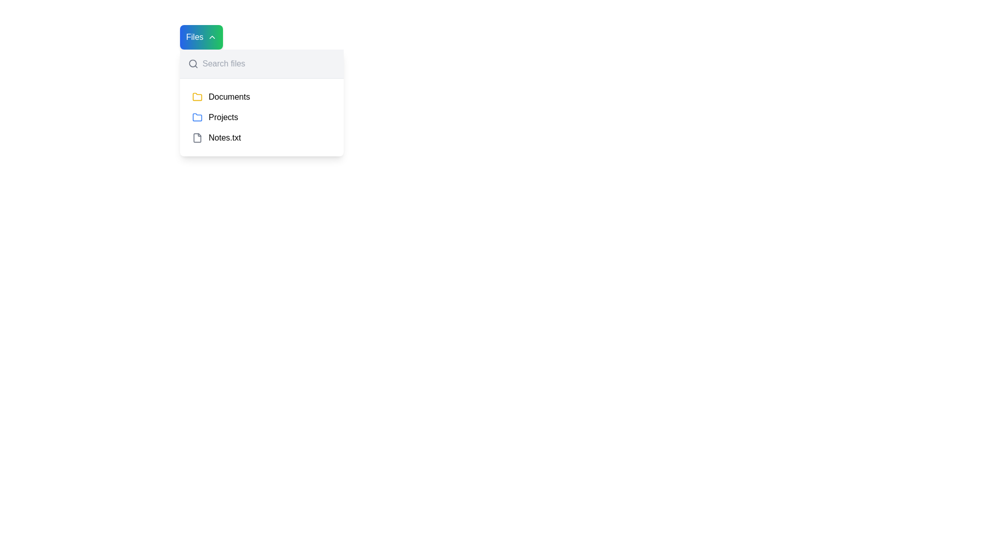 The width and height of the screenshot is (982, 552). Describe the element at coordinates (262, 103) in the screenshot. I see `the 'Documents' item in the dropdown menu located at the top-right corner of the application interface` at that location.